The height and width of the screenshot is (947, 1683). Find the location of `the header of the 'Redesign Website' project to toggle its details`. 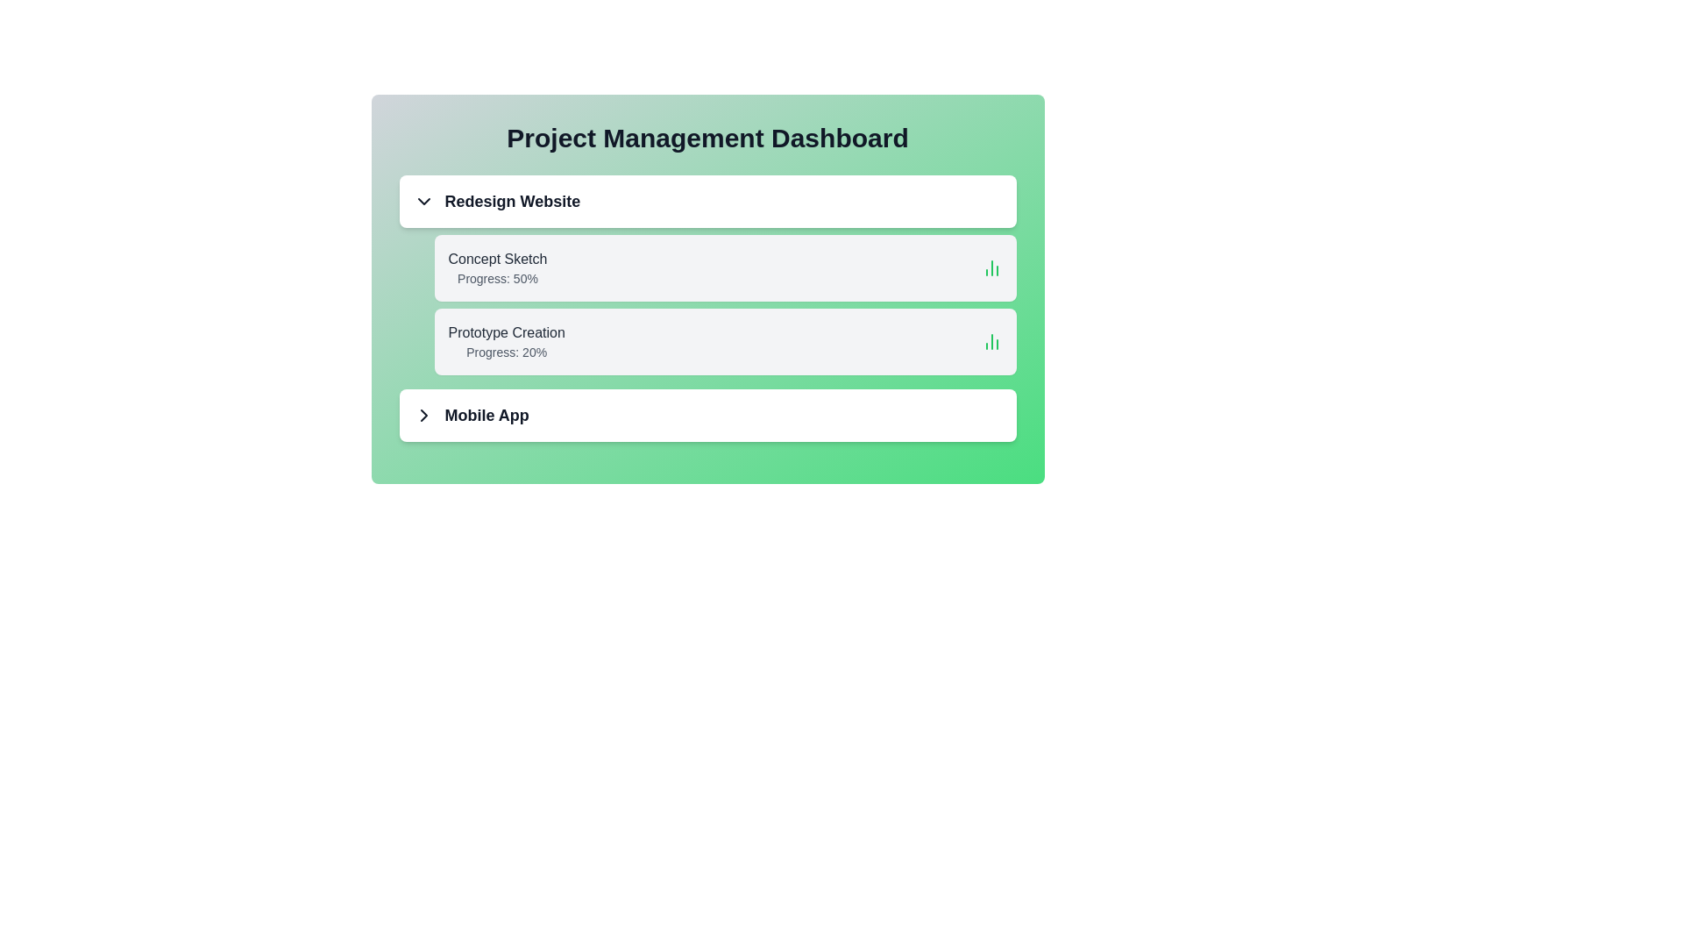

the header of the 'Redesign Website' project to toggle its details is located at coordinates (707, 201).